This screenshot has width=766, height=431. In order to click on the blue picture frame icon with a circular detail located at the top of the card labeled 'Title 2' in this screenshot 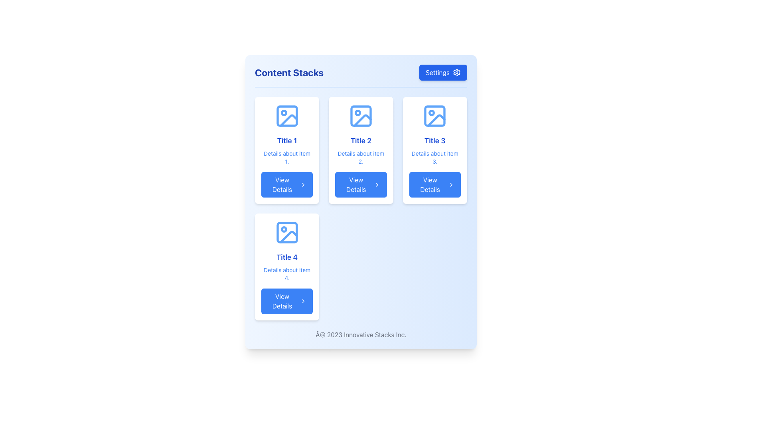, I will do `click(360, 116)`.